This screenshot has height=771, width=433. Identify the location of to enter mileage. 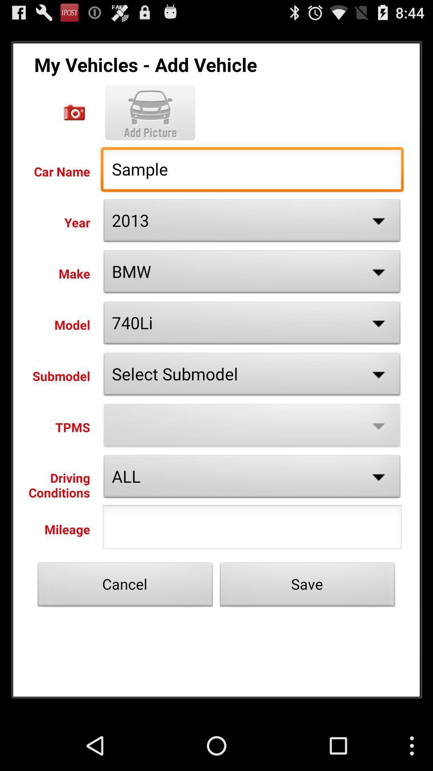
(252, 529).